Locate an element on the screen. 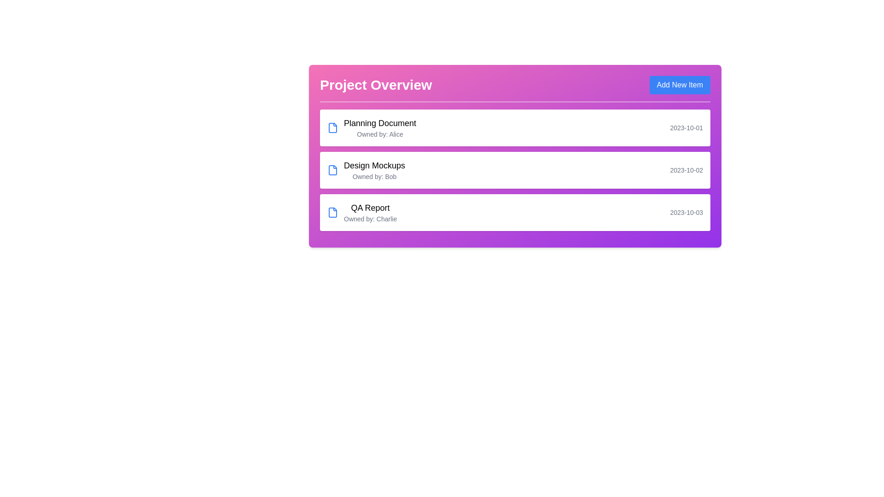  the text block displaying 'QA Report' with ownership details 'Owned by: Charlie' in a vertical list of project overviews is located at coordinates (370, 213).